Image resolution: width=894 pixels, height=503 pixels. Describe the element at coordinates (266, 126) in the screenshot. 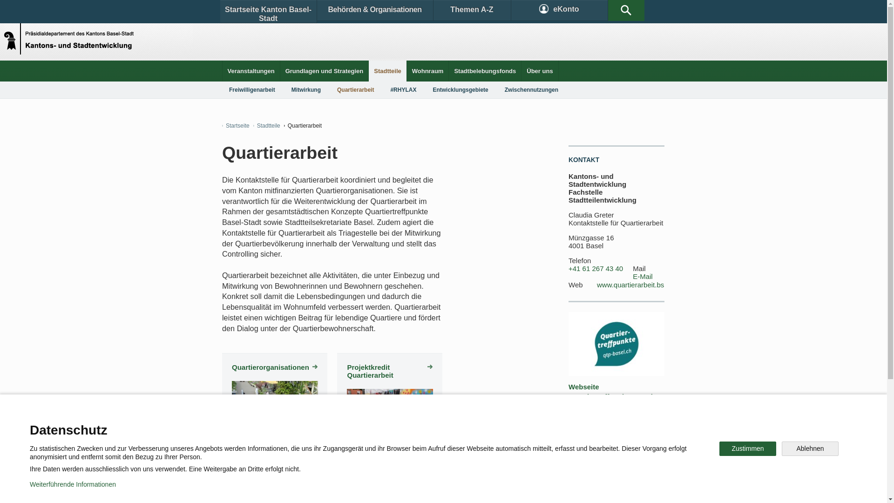

I see `'Stadtteile'` at that location.